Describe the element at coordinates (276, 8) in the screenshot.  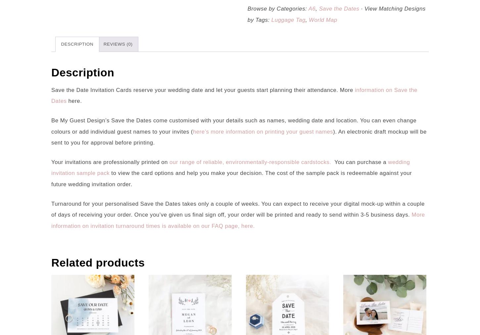
I see `'Categories:'` at that location.